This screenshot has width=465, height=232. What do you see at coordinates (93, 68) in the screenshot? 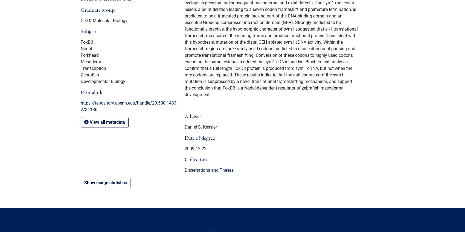
I see `'Transcription'` at bounding box center [93, 68].